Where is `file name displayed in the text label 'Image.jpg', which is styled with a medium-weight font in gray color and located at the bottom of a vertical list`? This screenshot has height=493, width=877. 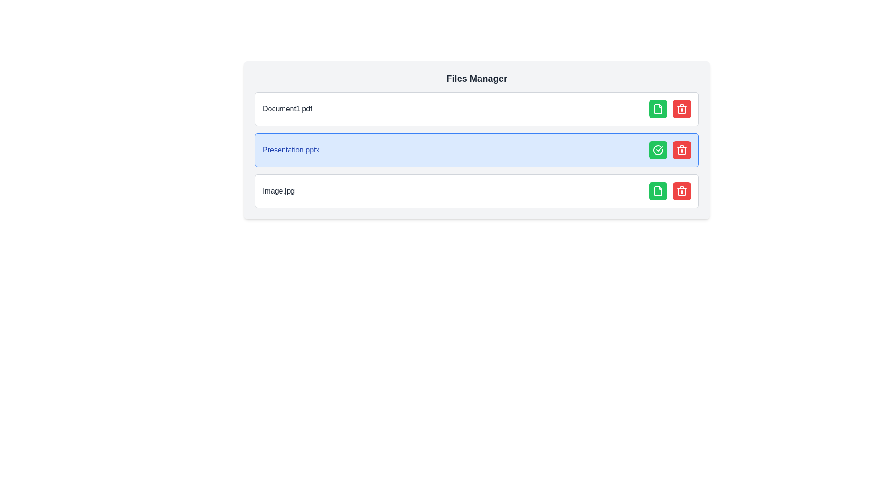
file name displayed in the text label 'Image.jpg', which is styled with a medium-weight font in gray color and located at the bottom of a vertical list is located at coordinates (278, 191).